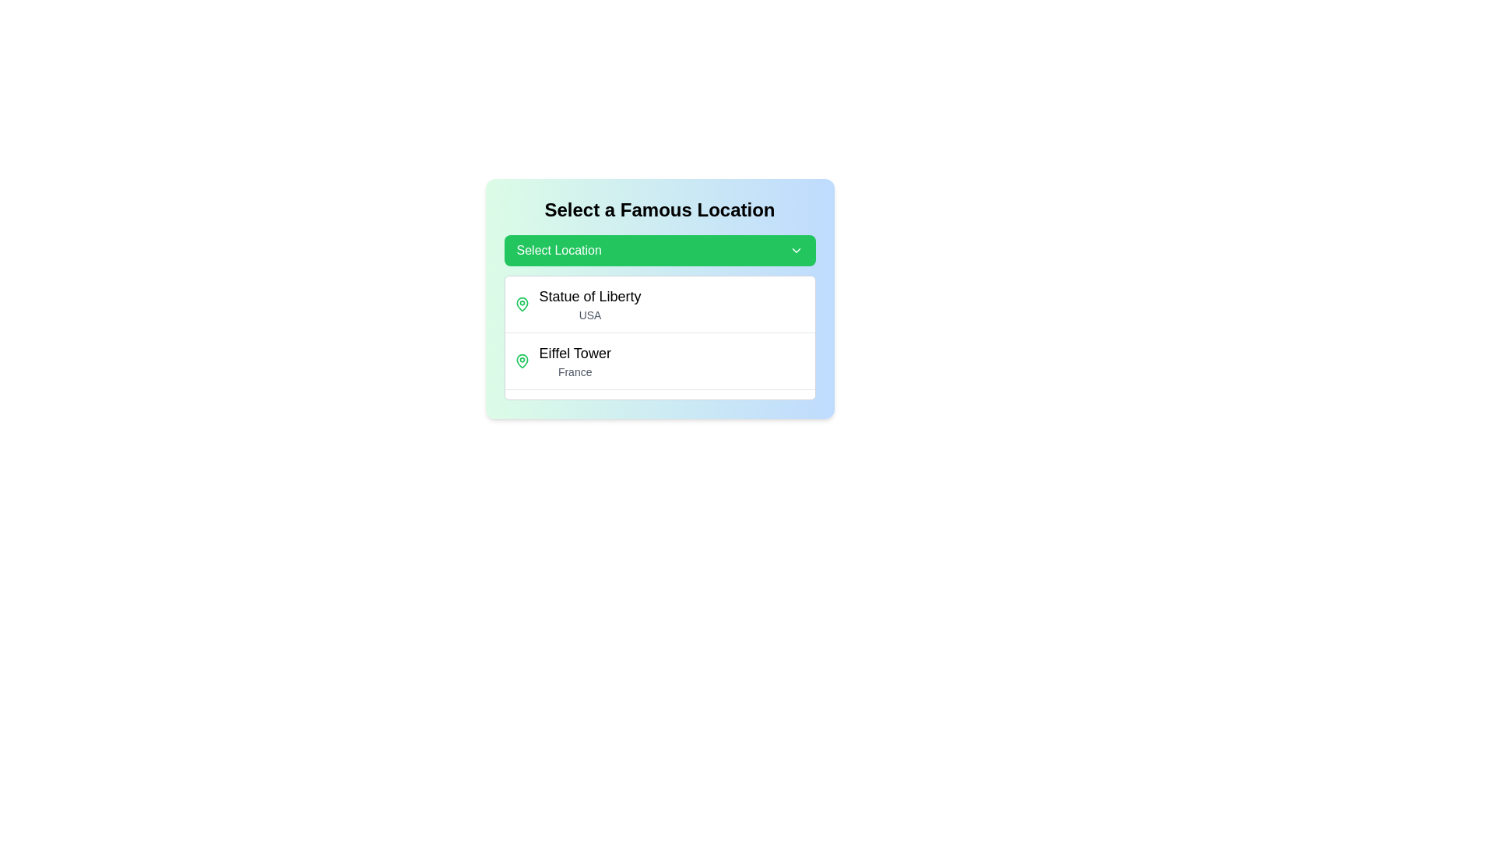 This screenshot has height=841, width=1495. I want to click on the visual marker icon indicating the location of the Eiffel Tower, which is positioned to the left of the text 'Eiffel Tower', so click(522, 361).